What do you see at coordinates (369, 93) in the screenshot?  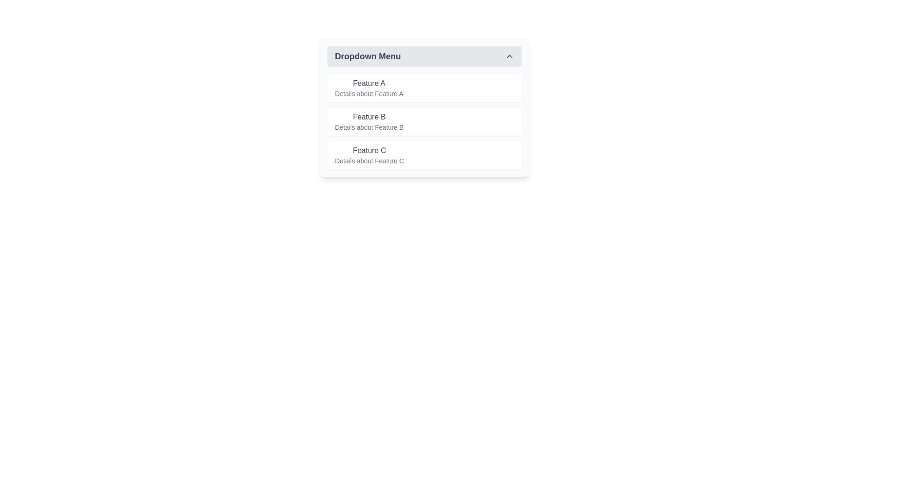 I see `the descriptive text block that provides additional information about 'Feature A', located directly beneath the bold text labeled 'Feature A' in the dropdown menu` at bounding box center [369, 93].